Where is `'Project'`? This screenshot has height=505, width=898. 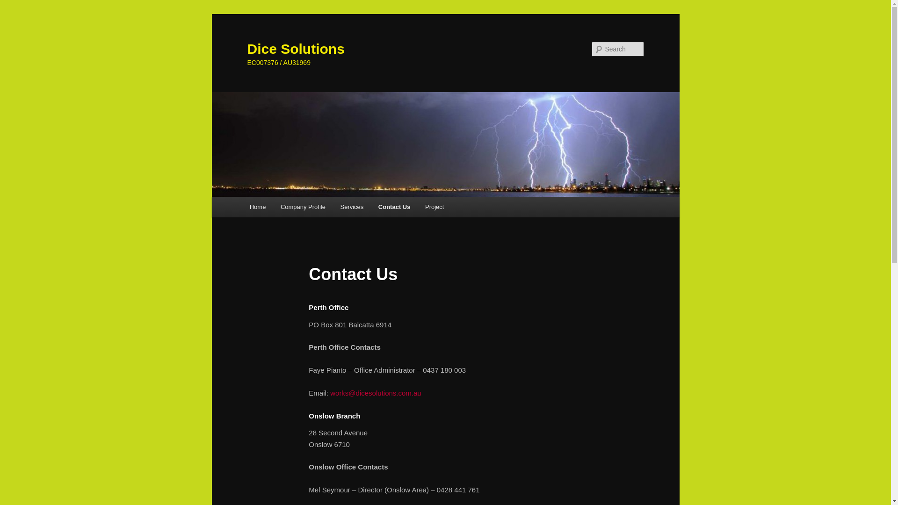 'Project' is located at coordinates (434, 206).